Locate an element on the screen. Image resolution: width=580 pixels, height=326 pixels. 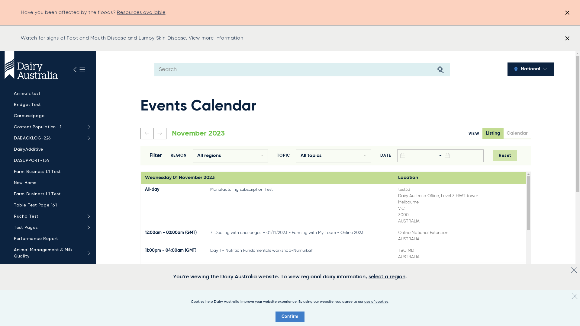
'Confirm' is located at coordinates (290, 316).